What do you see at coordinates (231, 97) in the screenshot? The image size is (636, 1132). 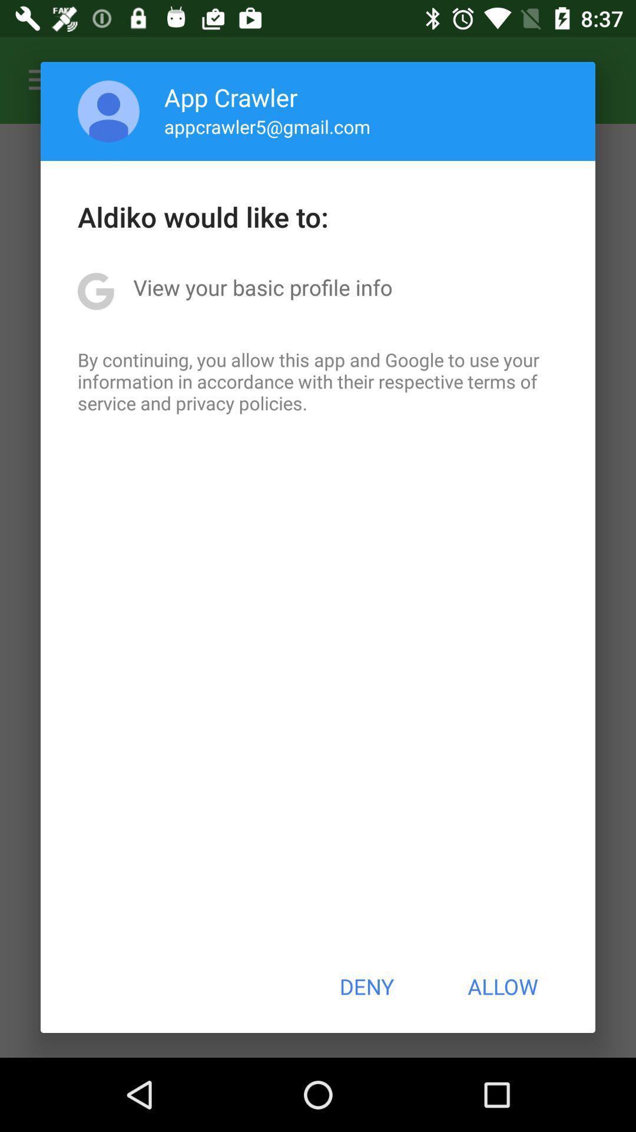 I see `the item above appcrawler5@gmail.com` at bounding box center [231, 97].